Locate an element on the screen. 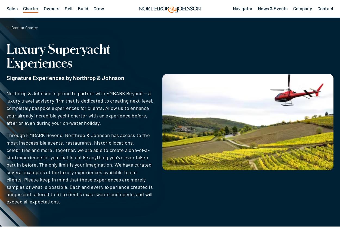  'Navigator' is located at coordinates (242, 8).